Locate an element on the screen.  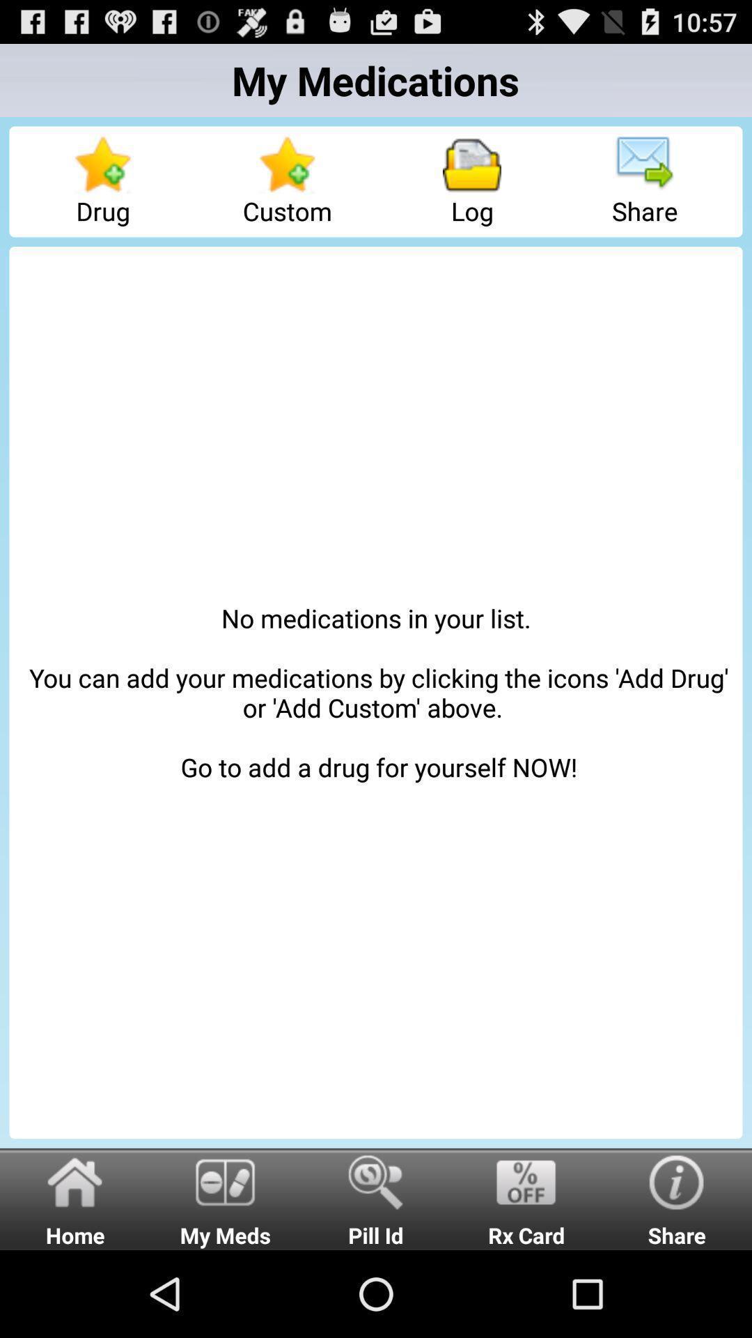
the app below no medications in app is located at coordinates (376, 1198).